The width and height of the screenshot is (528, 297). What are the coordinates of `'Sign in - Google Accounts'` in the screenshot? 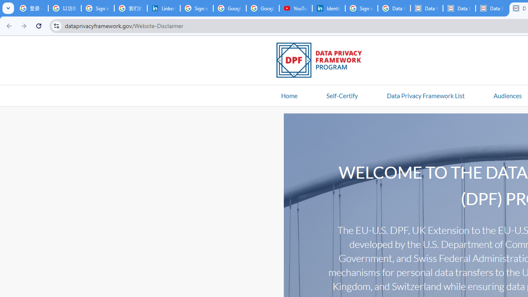 It's located at (97, 8).